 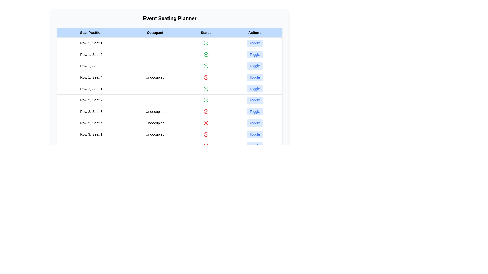 I want to click on the red circular icon with a white 'X' inside it, located in the 'Status' column of the 4th row in the table, so click(x=206, y=77).